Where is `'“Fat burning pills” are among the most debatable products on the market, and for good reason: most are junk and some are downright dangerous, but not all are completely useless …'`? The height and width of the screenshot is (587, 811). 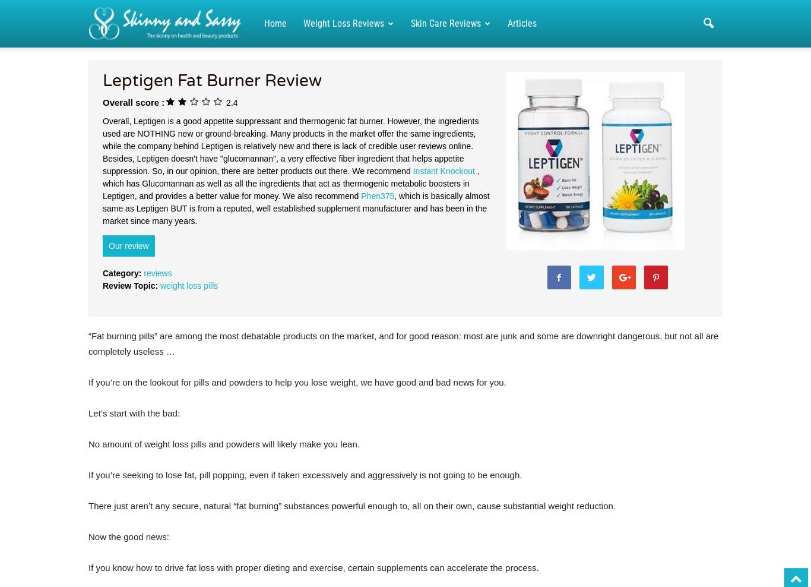
'“Fat burning pills” are among the most debatable products on the market, and for good reason: most are junk and some are downright dangerous, but not all are completely useless …' is located at coordinates (403, 343).